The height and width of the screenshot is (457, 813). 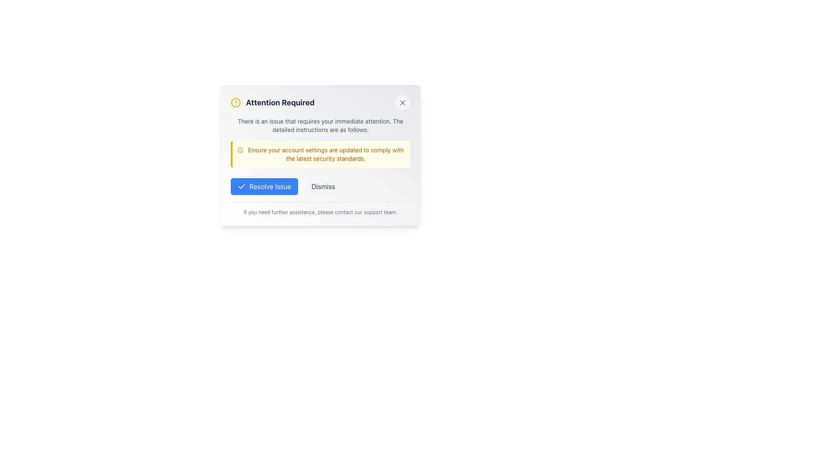 What do you see at coordinates (235, 102) in the screenshot?
I see `the decorative circle element that signifies a warning in the 'Attention Required' dialog box` at bounding box center [235, 102].